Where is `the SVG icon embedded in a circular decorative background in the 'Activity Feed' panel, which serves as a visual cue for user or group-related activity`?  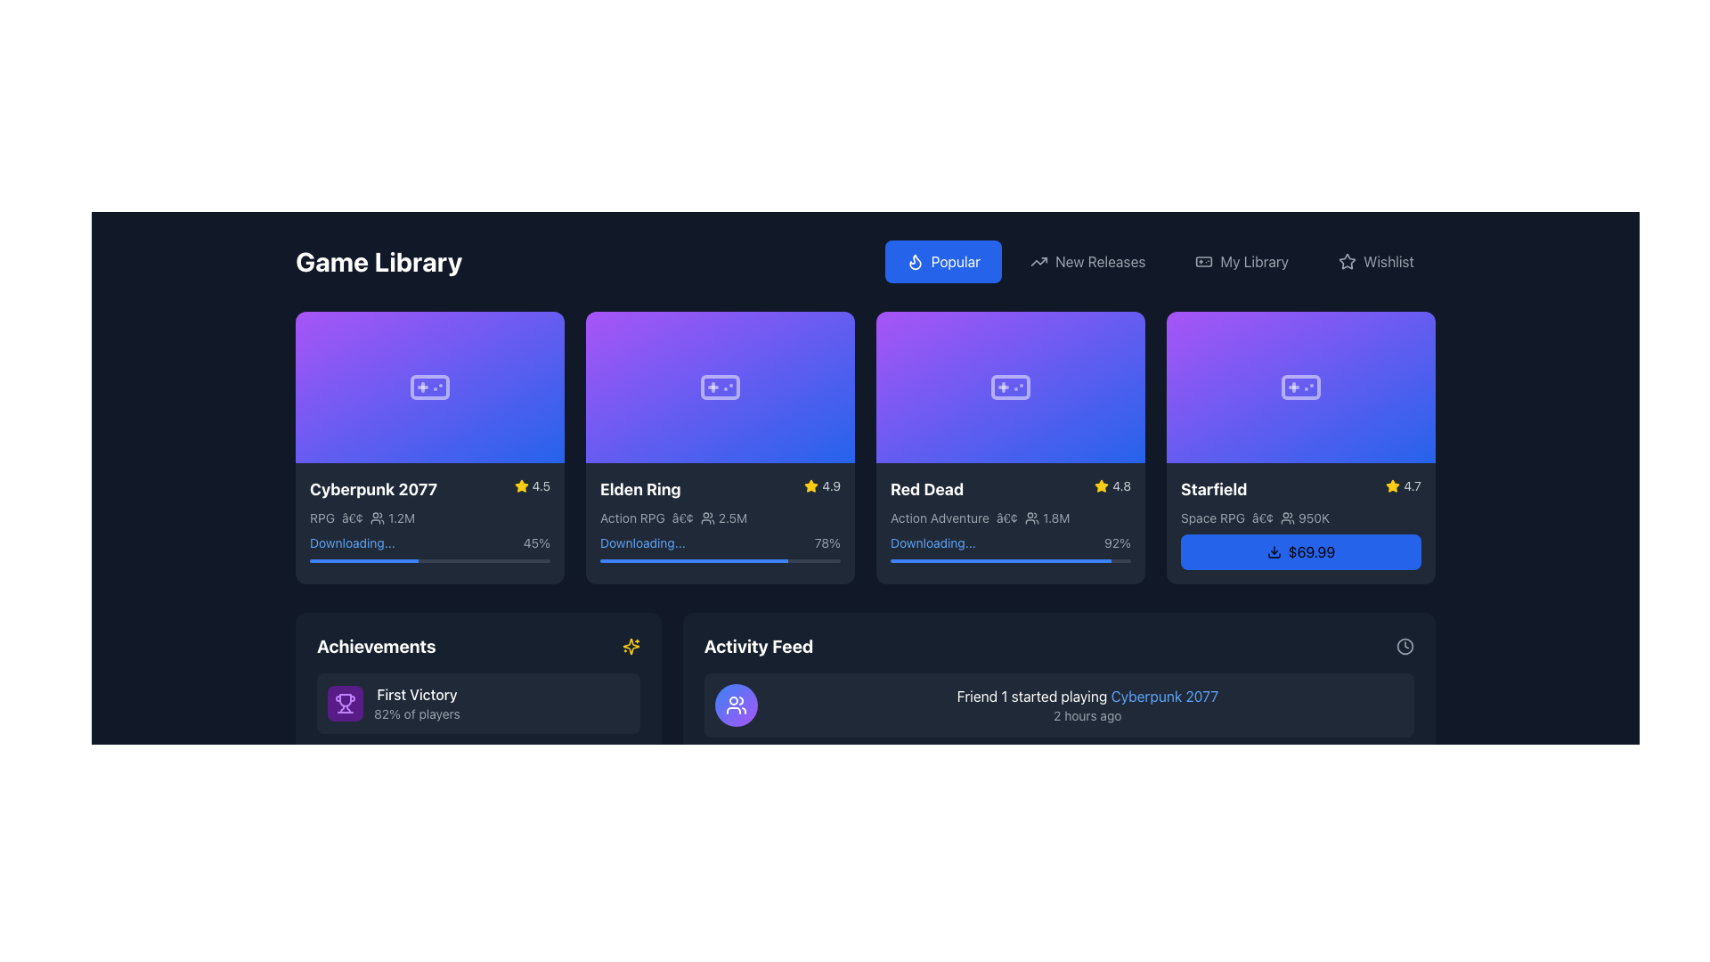
the SVG icon embedded in a circular decorative background in the 'Activity Feed' panel, which serves as a visual cue for user or group-related activity is located at coordinates (736, 704).